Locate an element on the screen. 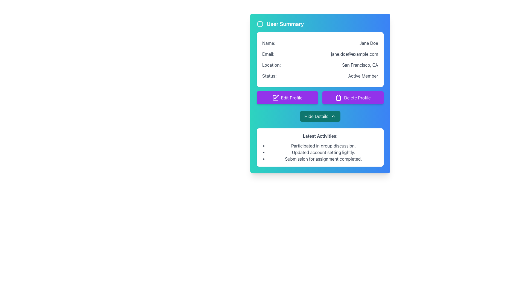 The image size is (525, 295). text of the header Text Label that serves as the title for recent user activities, located in a white rounded box at the lower portion of the main layout is located at coordinates (320, 135).